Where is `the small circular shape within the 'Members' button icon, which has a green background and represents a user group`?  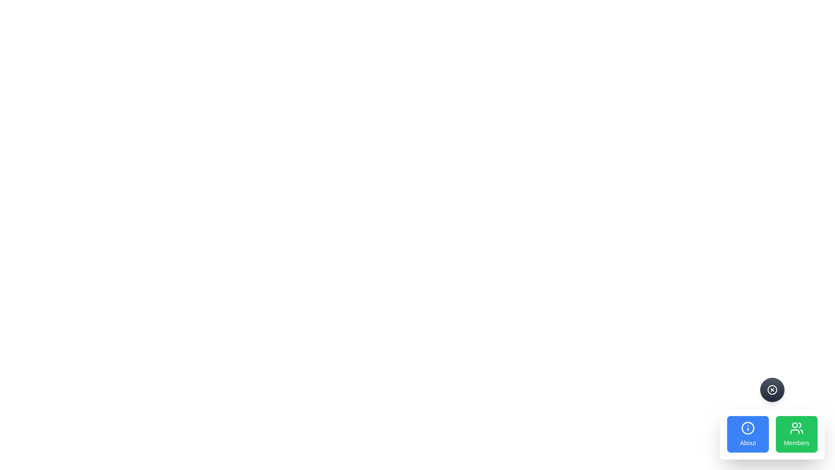 the small circular shape within the 'Members' button icon, which has a green background and represents a user group is located at coordinates (795, 424).